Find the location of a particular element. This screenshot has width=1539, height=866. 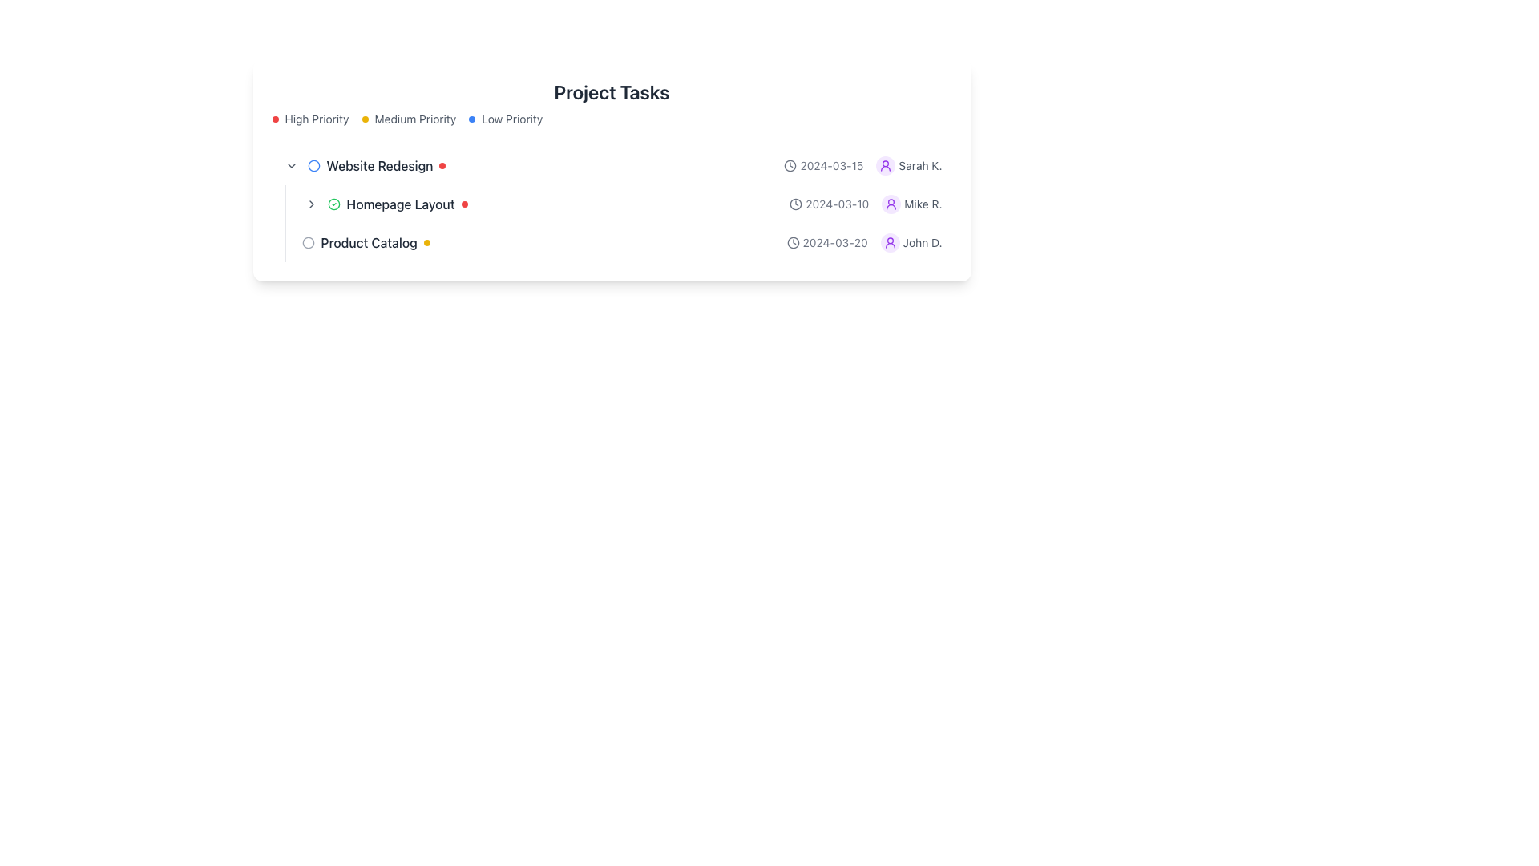

the second task entry is located at coordinates (617, 223).